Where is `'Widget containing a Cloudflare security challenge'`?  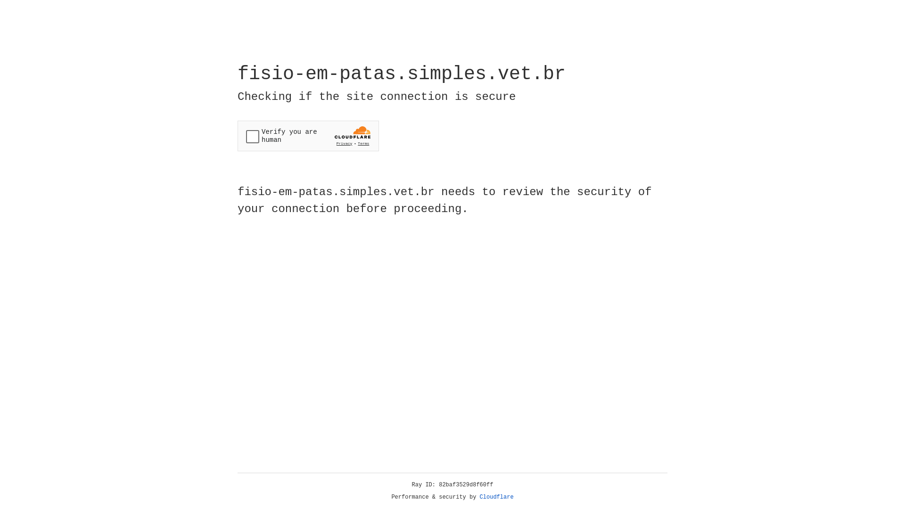
'Widget containing a Cloudflare security challenge' is located at coordinates (308, 136).